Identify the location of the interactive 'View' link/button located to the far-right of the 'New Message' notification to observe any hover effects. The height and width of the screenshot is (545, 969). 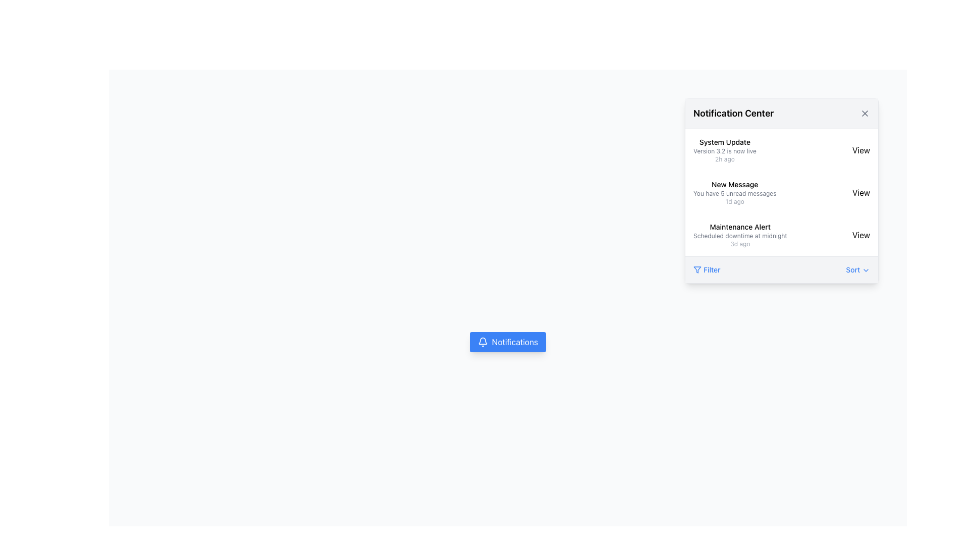
(860, 192).